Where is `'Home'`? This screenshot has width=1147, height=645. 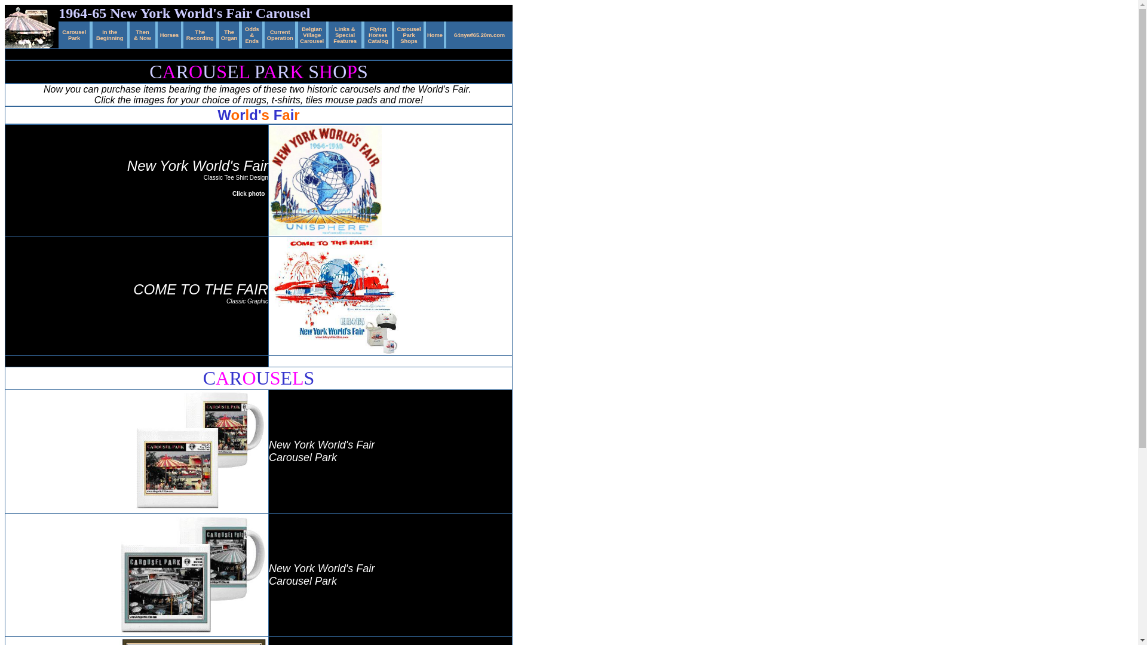
'Home' is located at coordinates (434, 33).